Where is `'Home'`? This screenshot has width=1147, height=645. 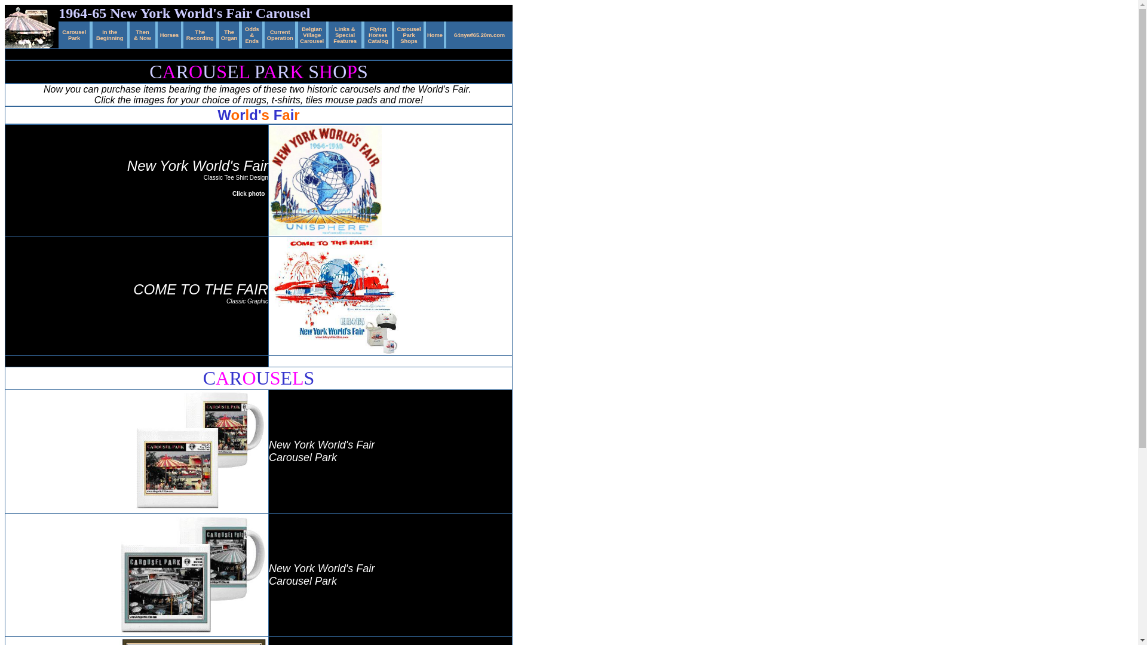
'Home' is located at coordinates (434, 33).